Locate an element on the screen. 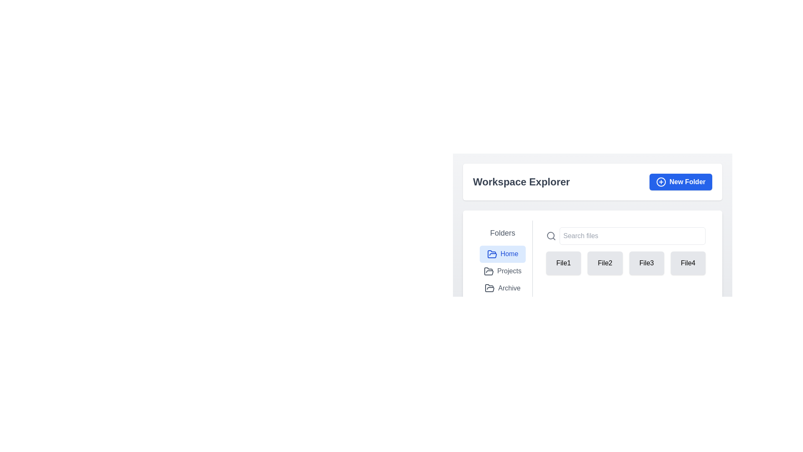 The width and height of the screenshot is (803, 452). the blue rectangular button labeled 'New Folder' with a plus icon to initiate the folder creation is located at coordinates (680, 182).